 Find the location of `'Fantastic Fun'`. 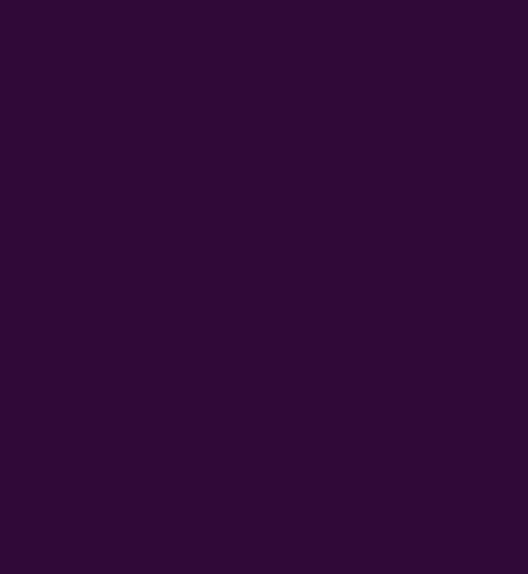

'Fantastic Fun' is located at coordinates (60, 461).